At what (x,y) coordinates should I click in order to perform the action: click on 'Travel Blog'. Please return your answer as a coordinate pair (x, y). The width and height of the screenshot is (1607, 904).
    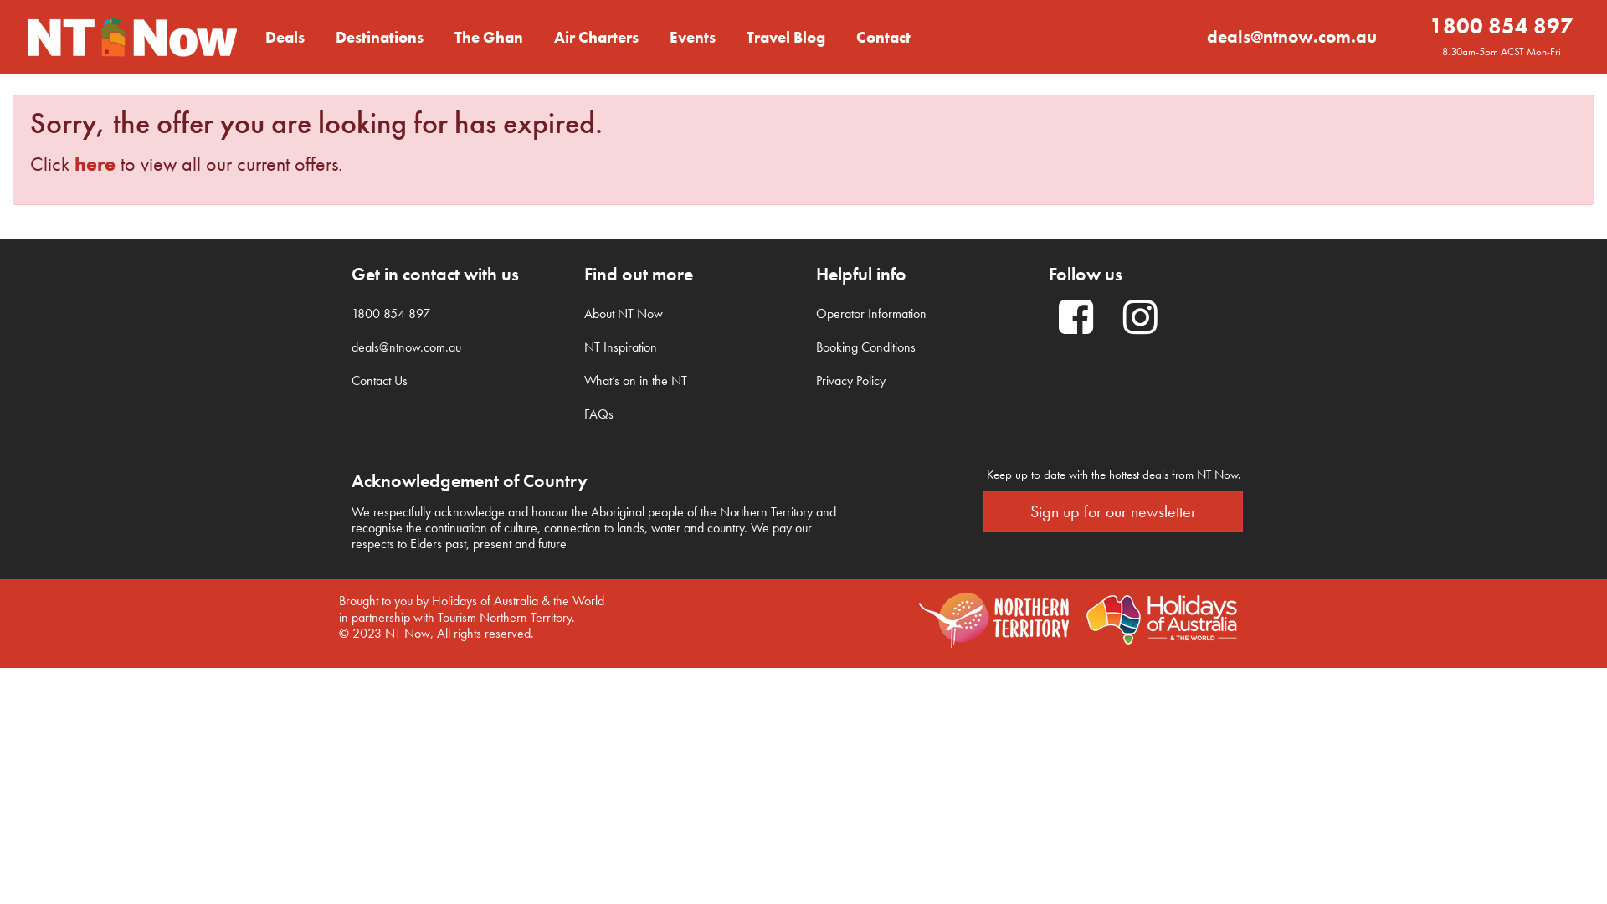
    Looking at the image, I should click on (785, 37).